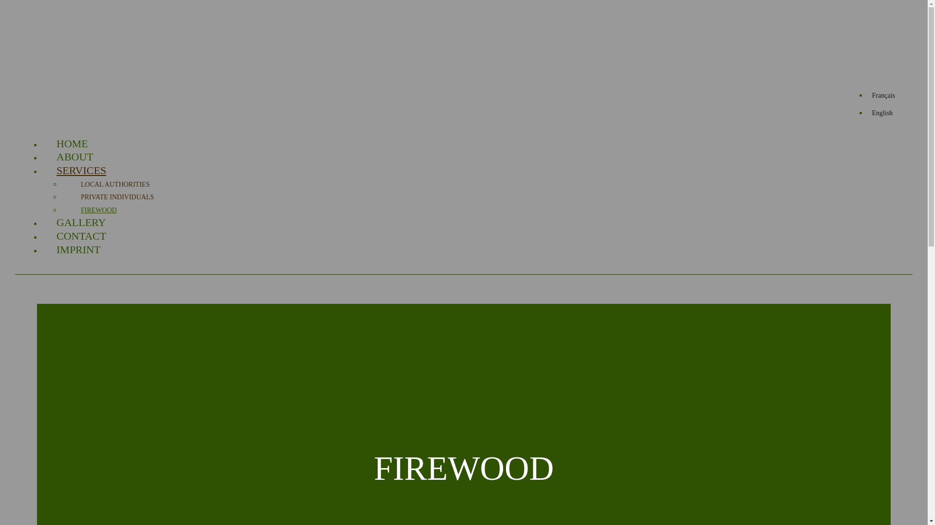 The height and width of the screenshot is (525, 935). Describe the element at coordinates (115, 185) in the screenshot. I see `'LOCAL AUTHORITIES'` at that location.